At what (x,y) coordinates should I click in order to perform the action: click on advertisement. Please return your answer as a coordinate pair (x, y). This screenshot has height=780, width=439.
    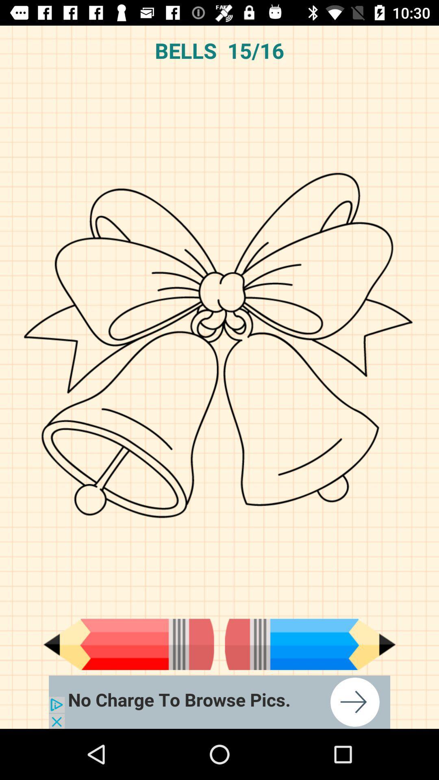
    Looking at the image, I should click on (219, 702).